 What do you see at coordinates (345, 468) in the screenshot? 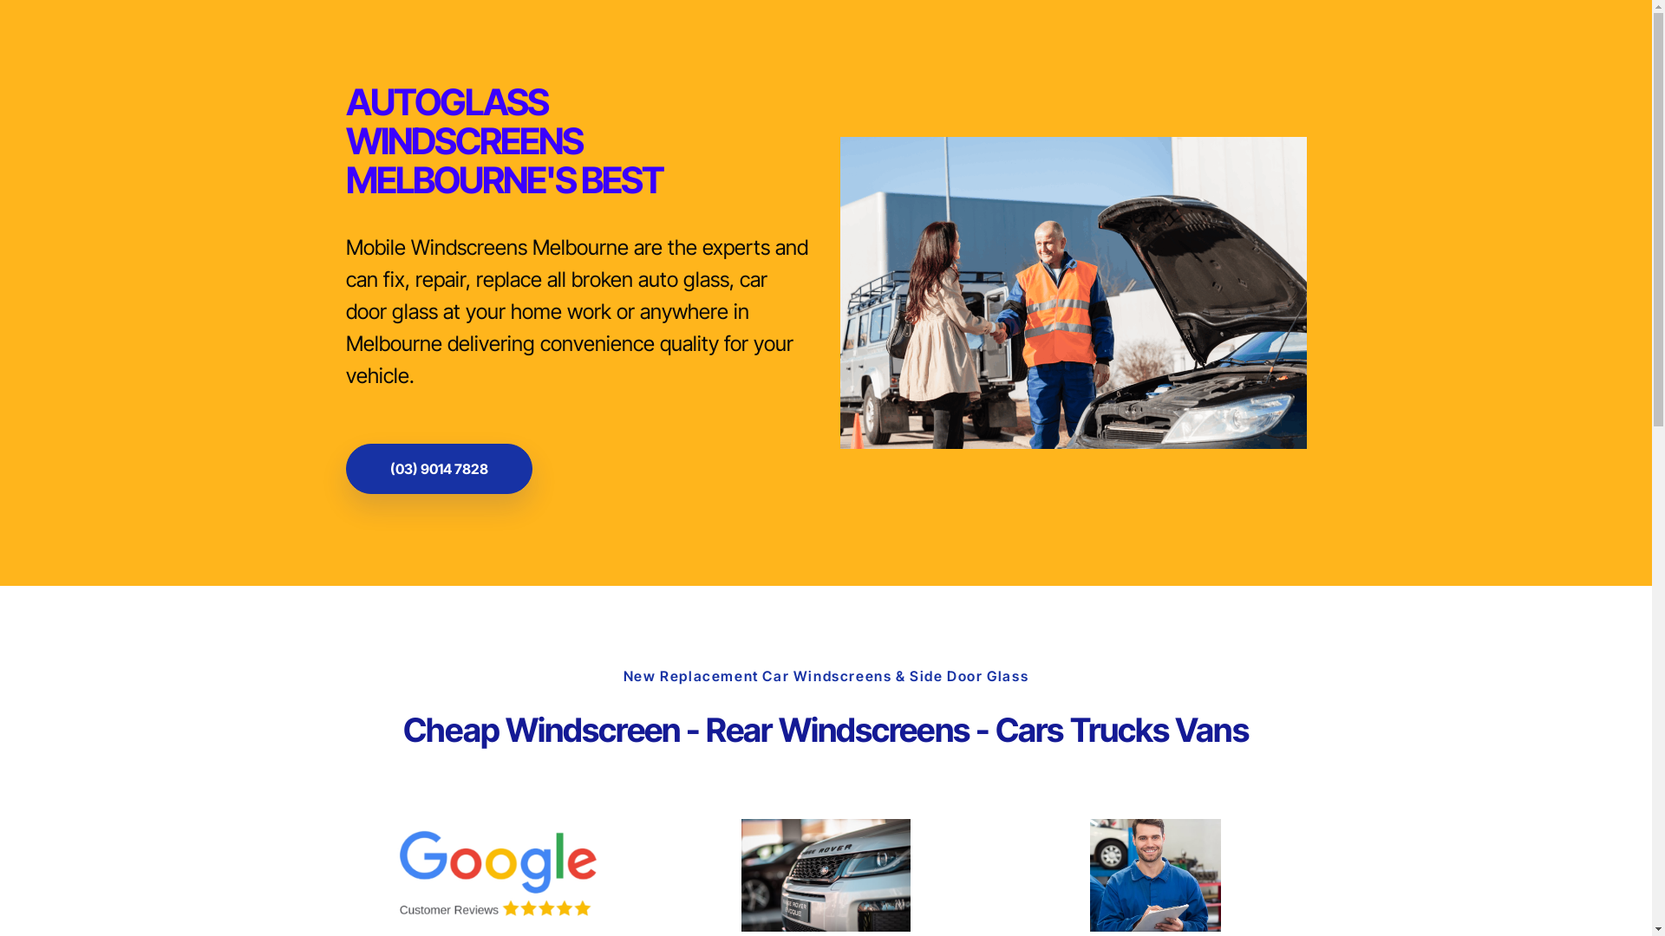
I see `'(03) 9014 7828'` at bounding box center [345, 468].